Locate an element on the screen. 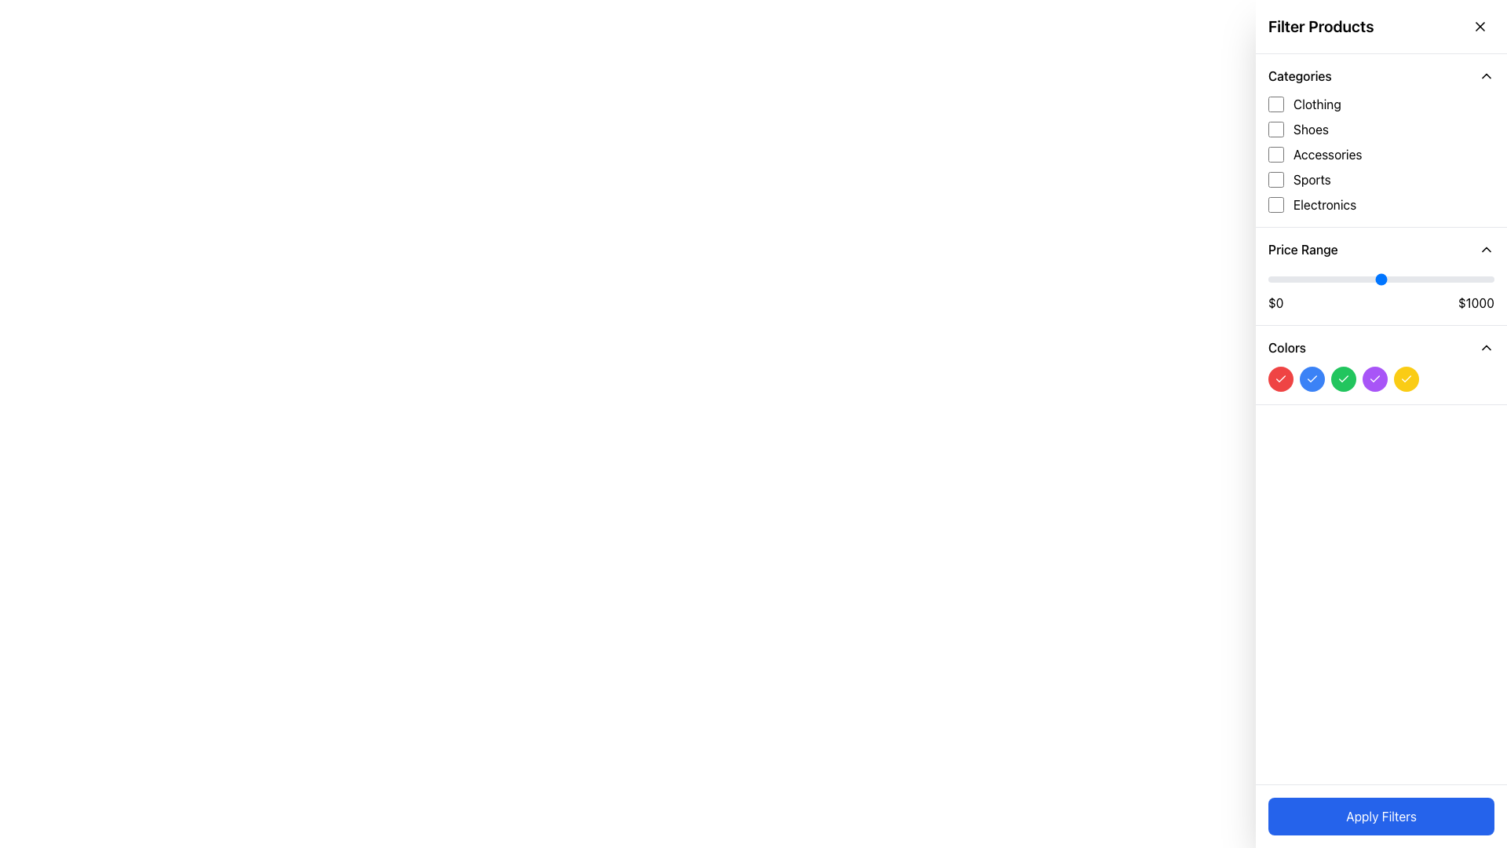 This screenshot has width=1507, height=848. displayed information from the price range indicator text label showing '$0' and '$1000', located below the Price Range slider in the Filter Products section is located at coordinates (1381, 302).